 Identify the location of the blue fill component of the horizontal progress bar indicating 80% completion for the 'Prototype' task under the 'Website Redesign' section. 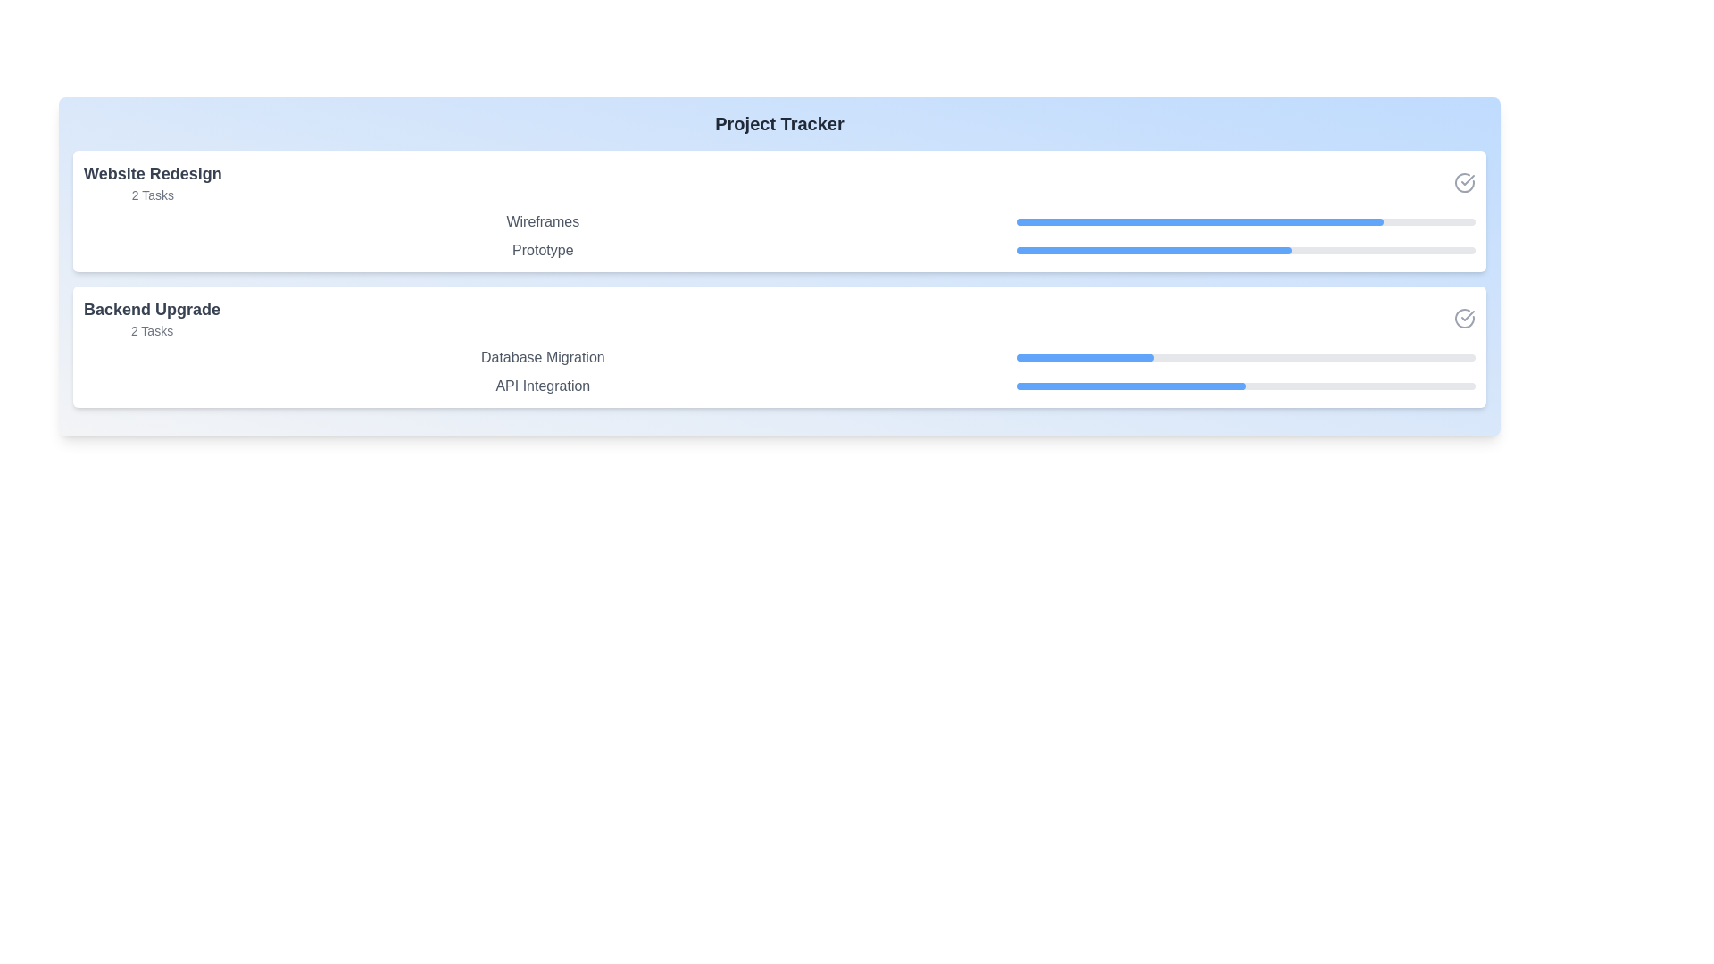
(1200, 221).